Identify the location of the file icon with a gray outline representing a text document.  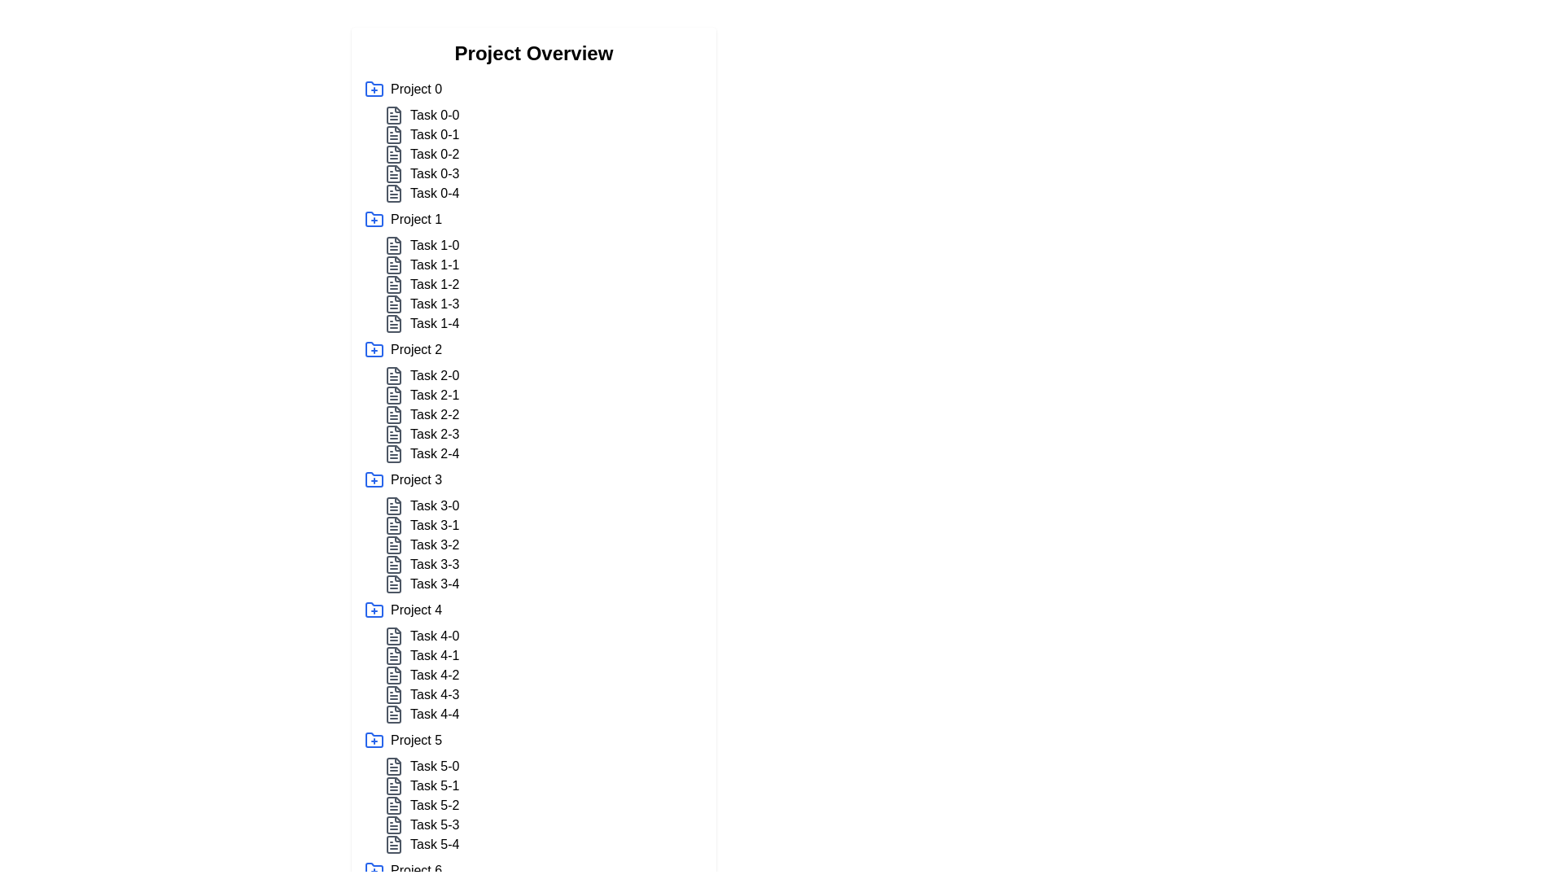
(394, 636).